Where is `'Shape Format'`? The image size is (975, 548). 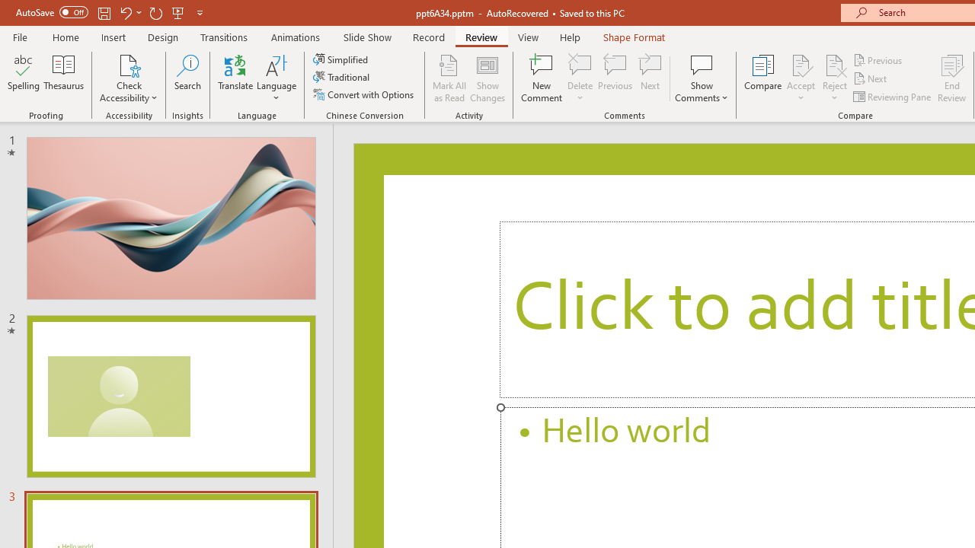 'Shape Format' is located at coordinates (634, 37).